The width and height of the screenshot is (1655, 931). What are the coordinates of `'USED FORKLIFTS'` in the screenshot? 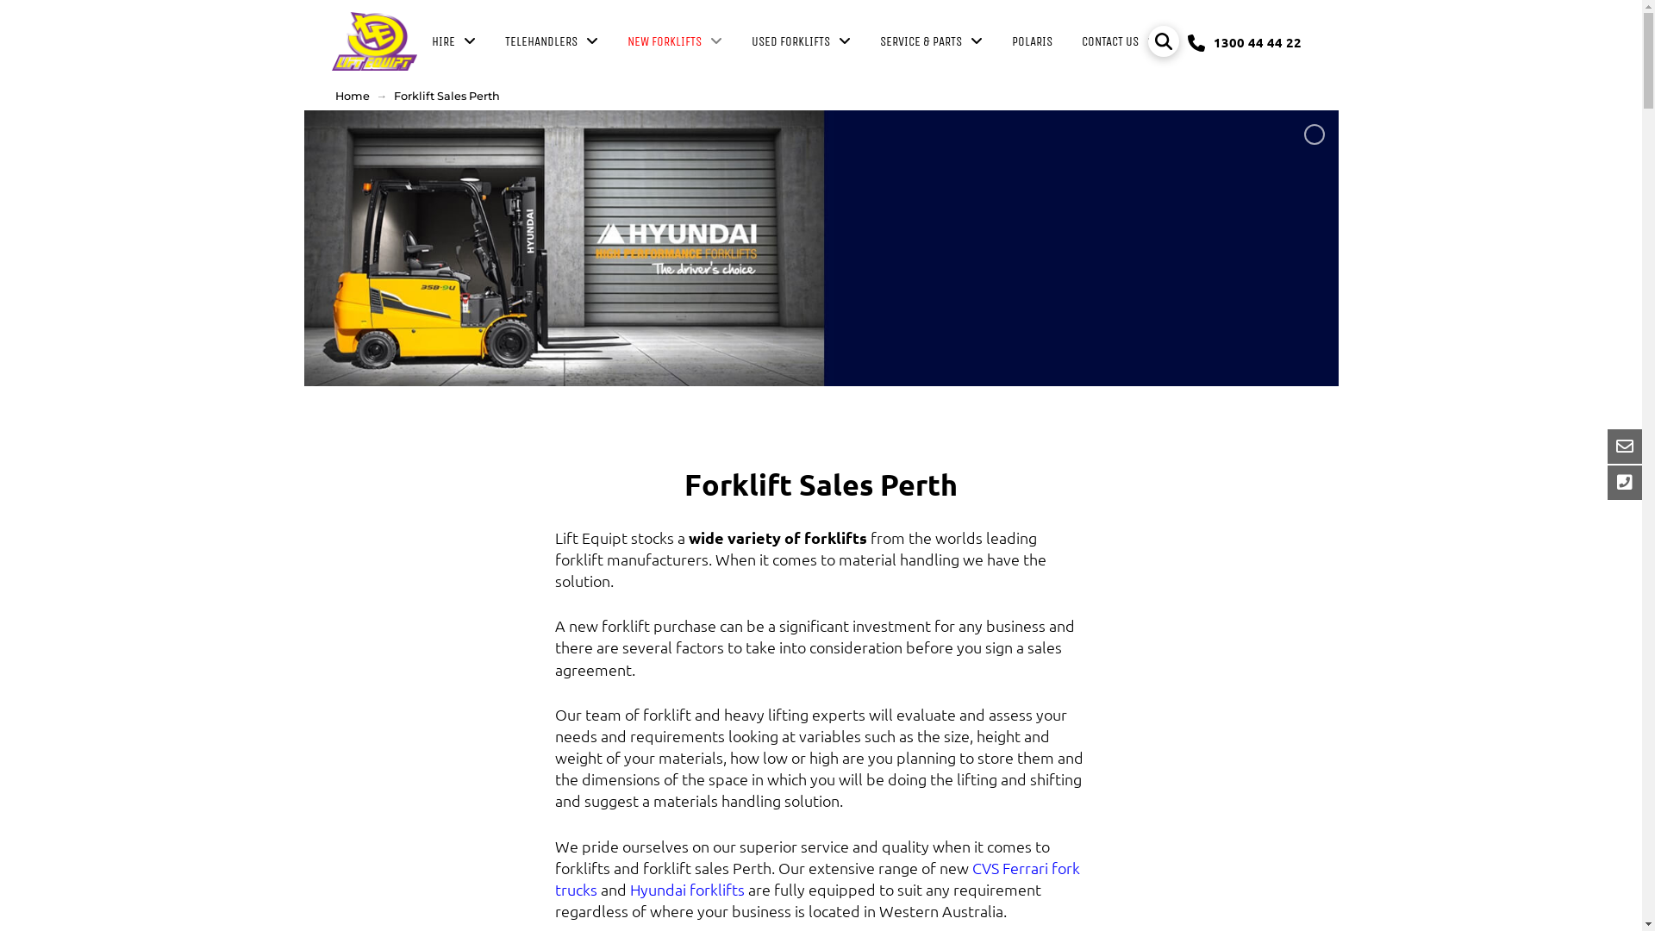 It's located at (800, 40).